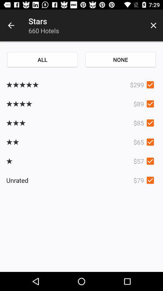 Image resolution: width=163 pixels, height=291 pixels. I want to click on icon next to the all item, so click(120, 59).